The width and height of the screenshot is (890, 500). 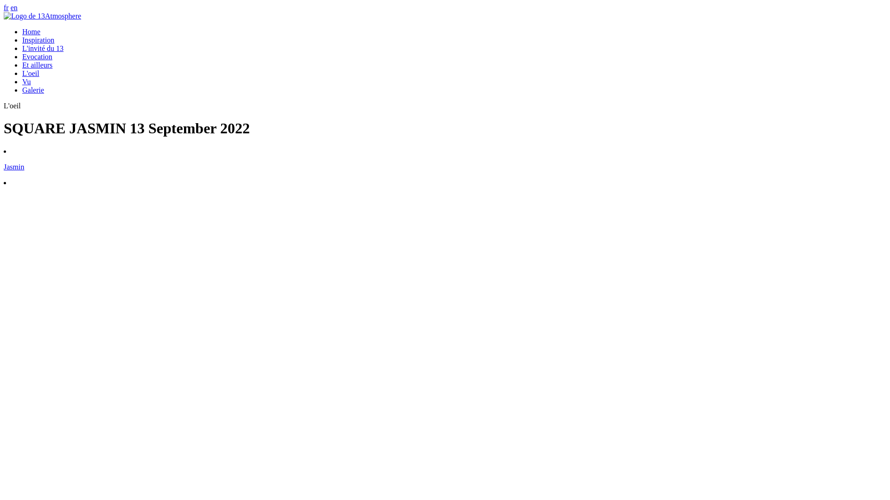 What do you see at coordinates (14, 7) in the screenshot?
I see `'en'` at bounding box center [14, 7].